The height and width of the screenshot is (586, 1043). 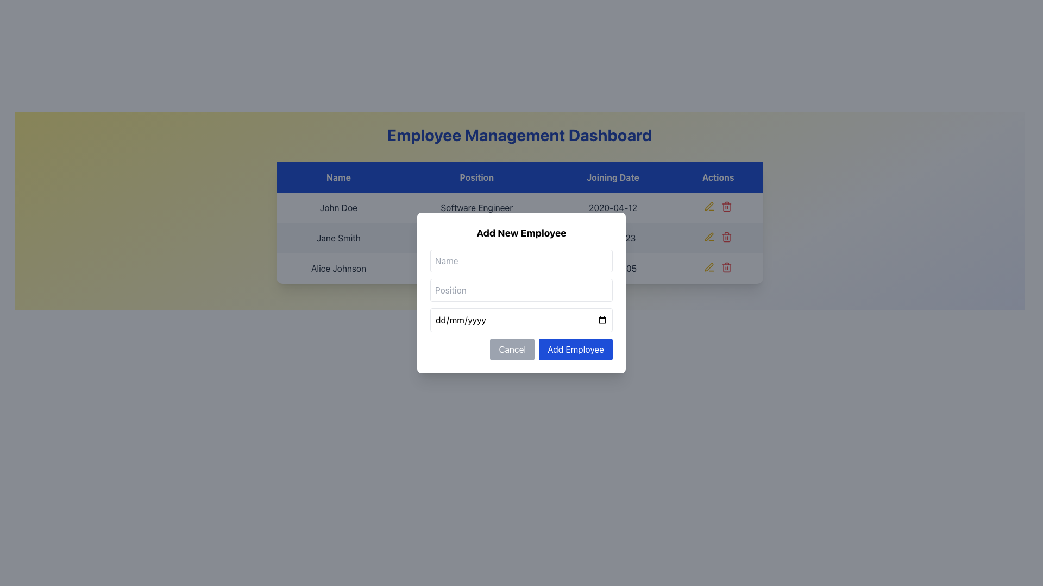 I want to click on the text label representing an individual's profile or record in the first column of the first row of the table, so click(x=338, y=207).